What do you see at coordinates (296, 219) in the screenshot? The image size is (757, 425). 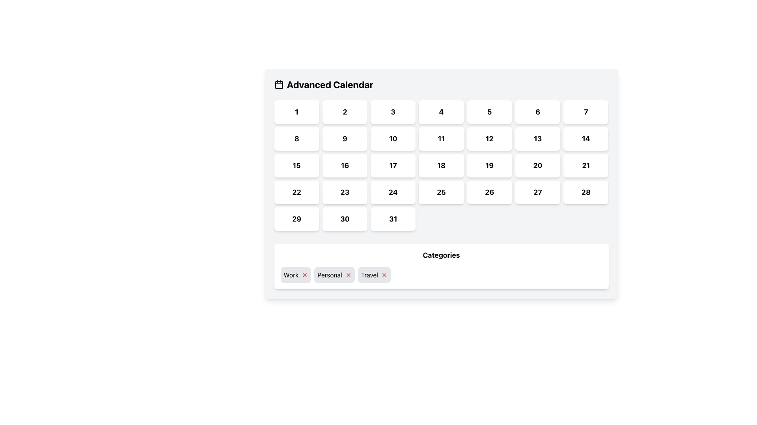 I see `the Text element representing the date 29th in the calendar` at bounding box center [296, 219].